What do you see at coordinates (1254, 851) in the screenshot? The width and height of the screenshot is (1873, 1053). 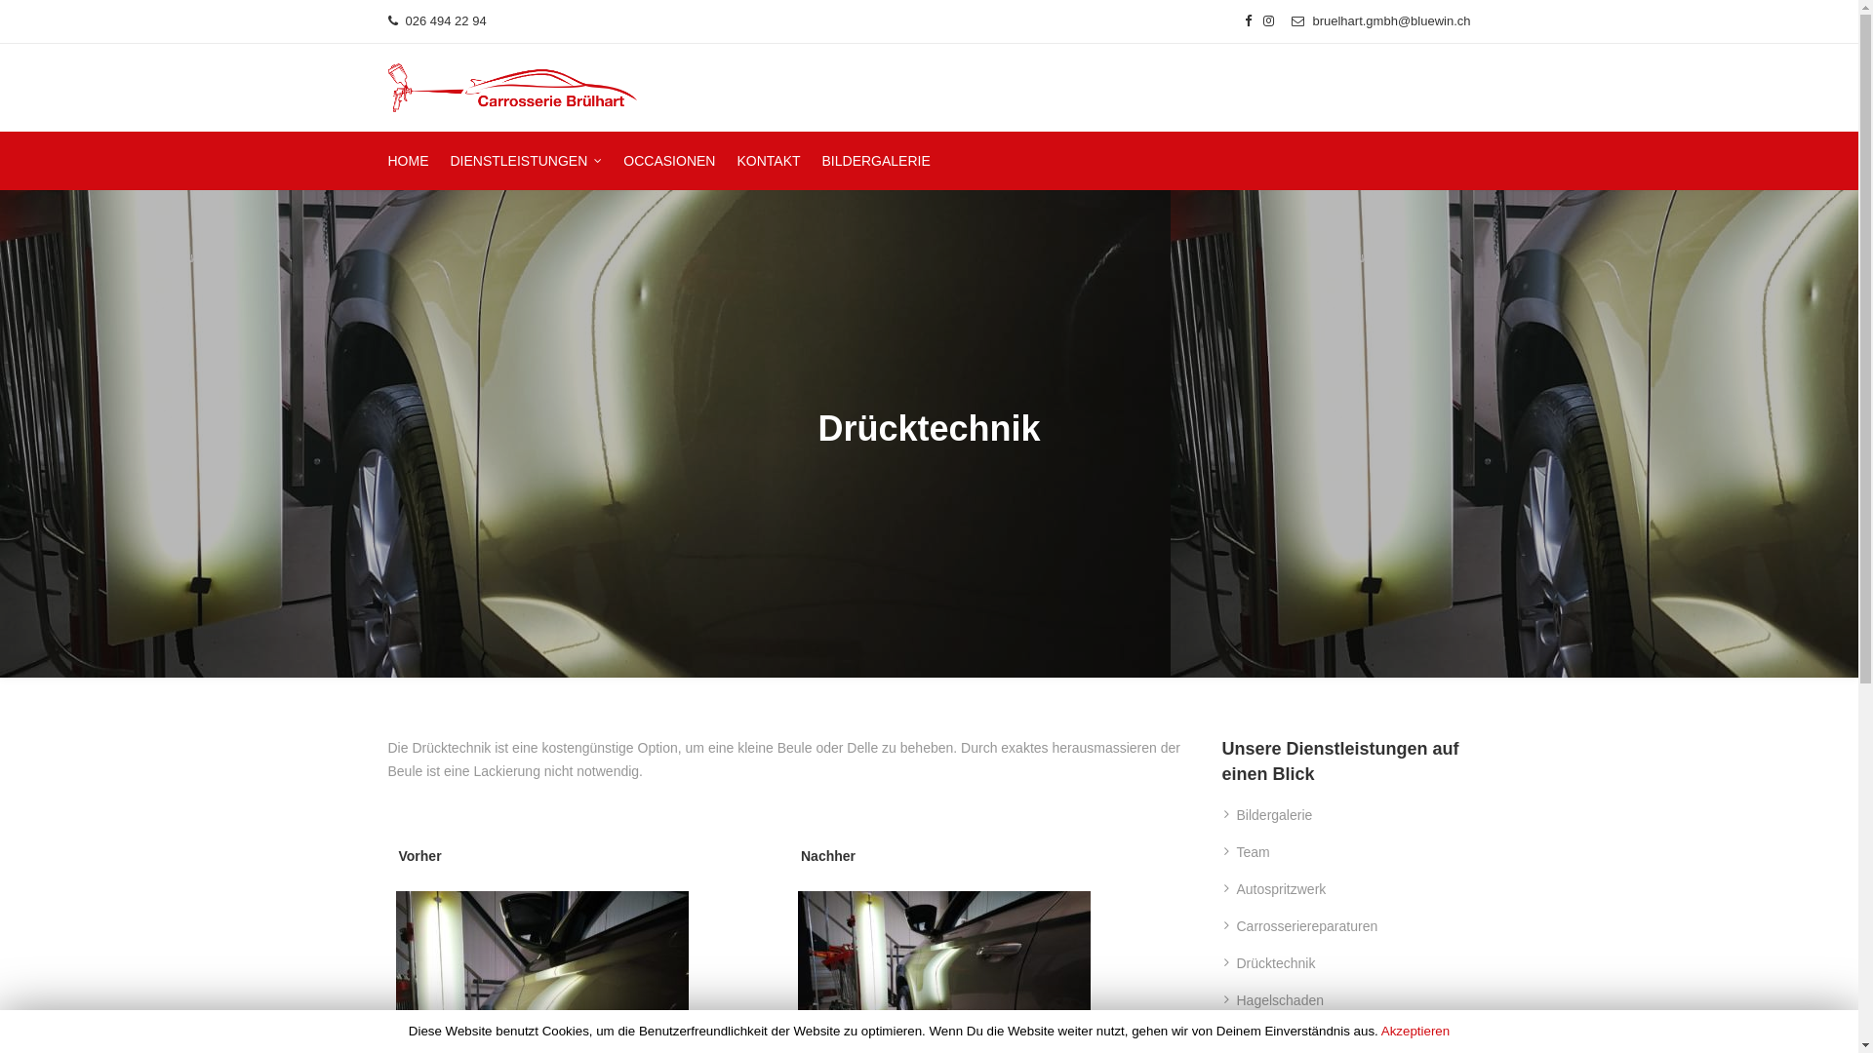 I see `'Team'` at bounding box center [1254, 851].